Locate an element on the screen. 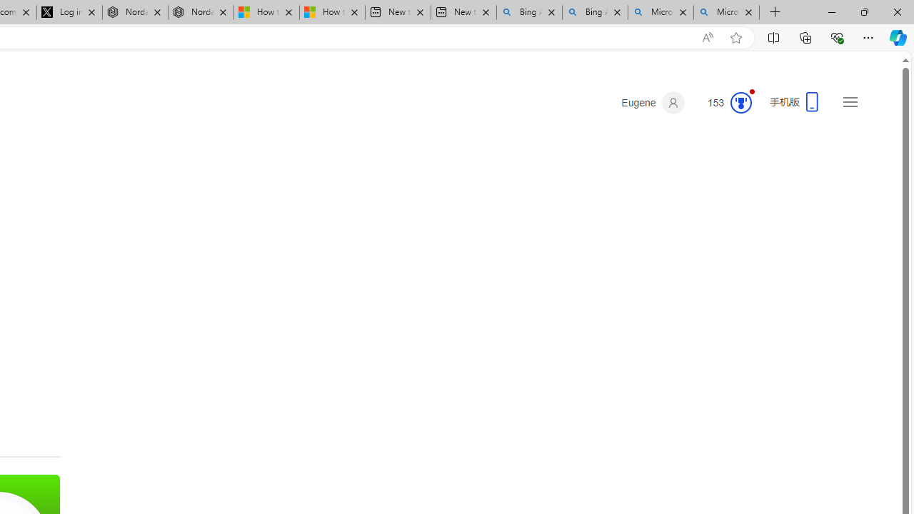 This screenshot has height=514, width=914. 'Log in to X / X' is located at coordinates (69, 12).